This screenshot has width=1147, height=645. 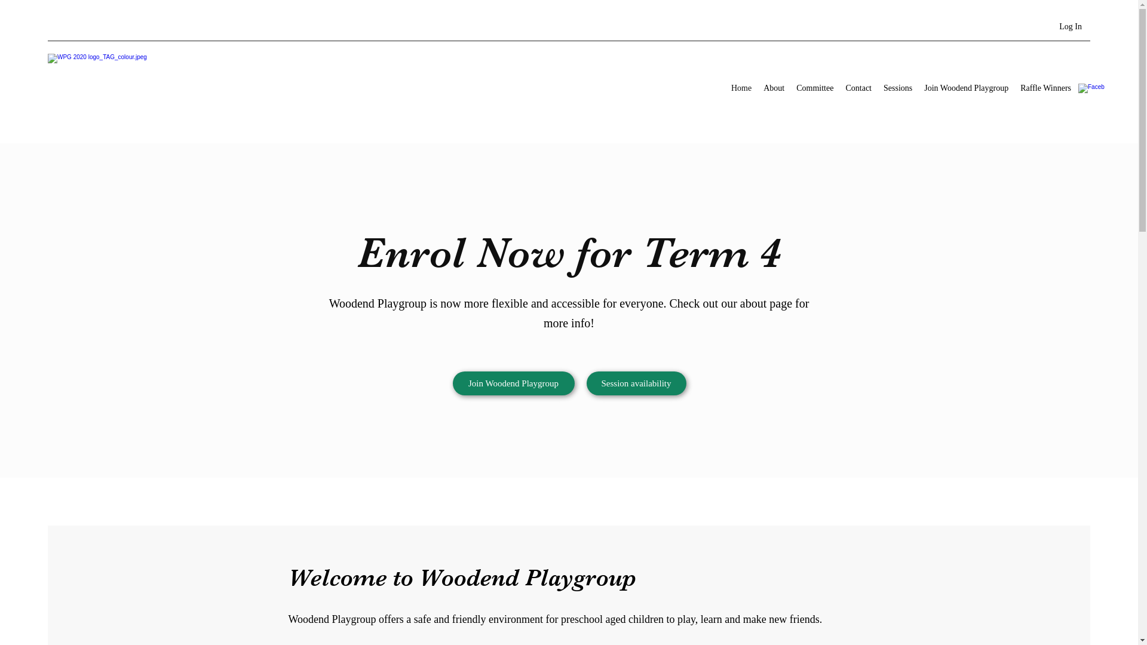 I want to click on 'Join Woodend Playgroup', so click(x=513, y=383).